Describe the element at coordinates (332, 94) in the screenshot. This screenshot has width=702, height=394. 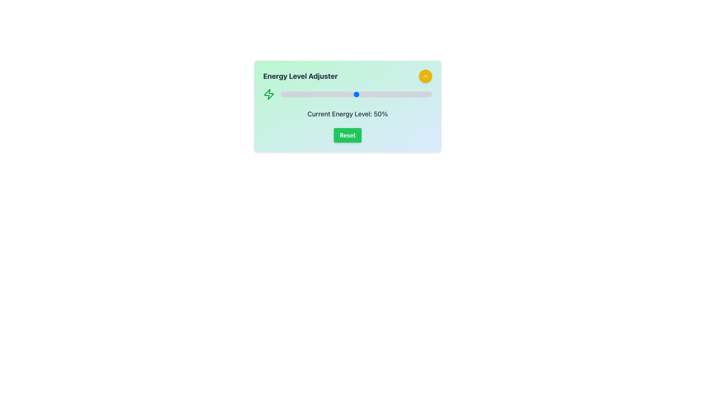
I see `the energy level` at that location.